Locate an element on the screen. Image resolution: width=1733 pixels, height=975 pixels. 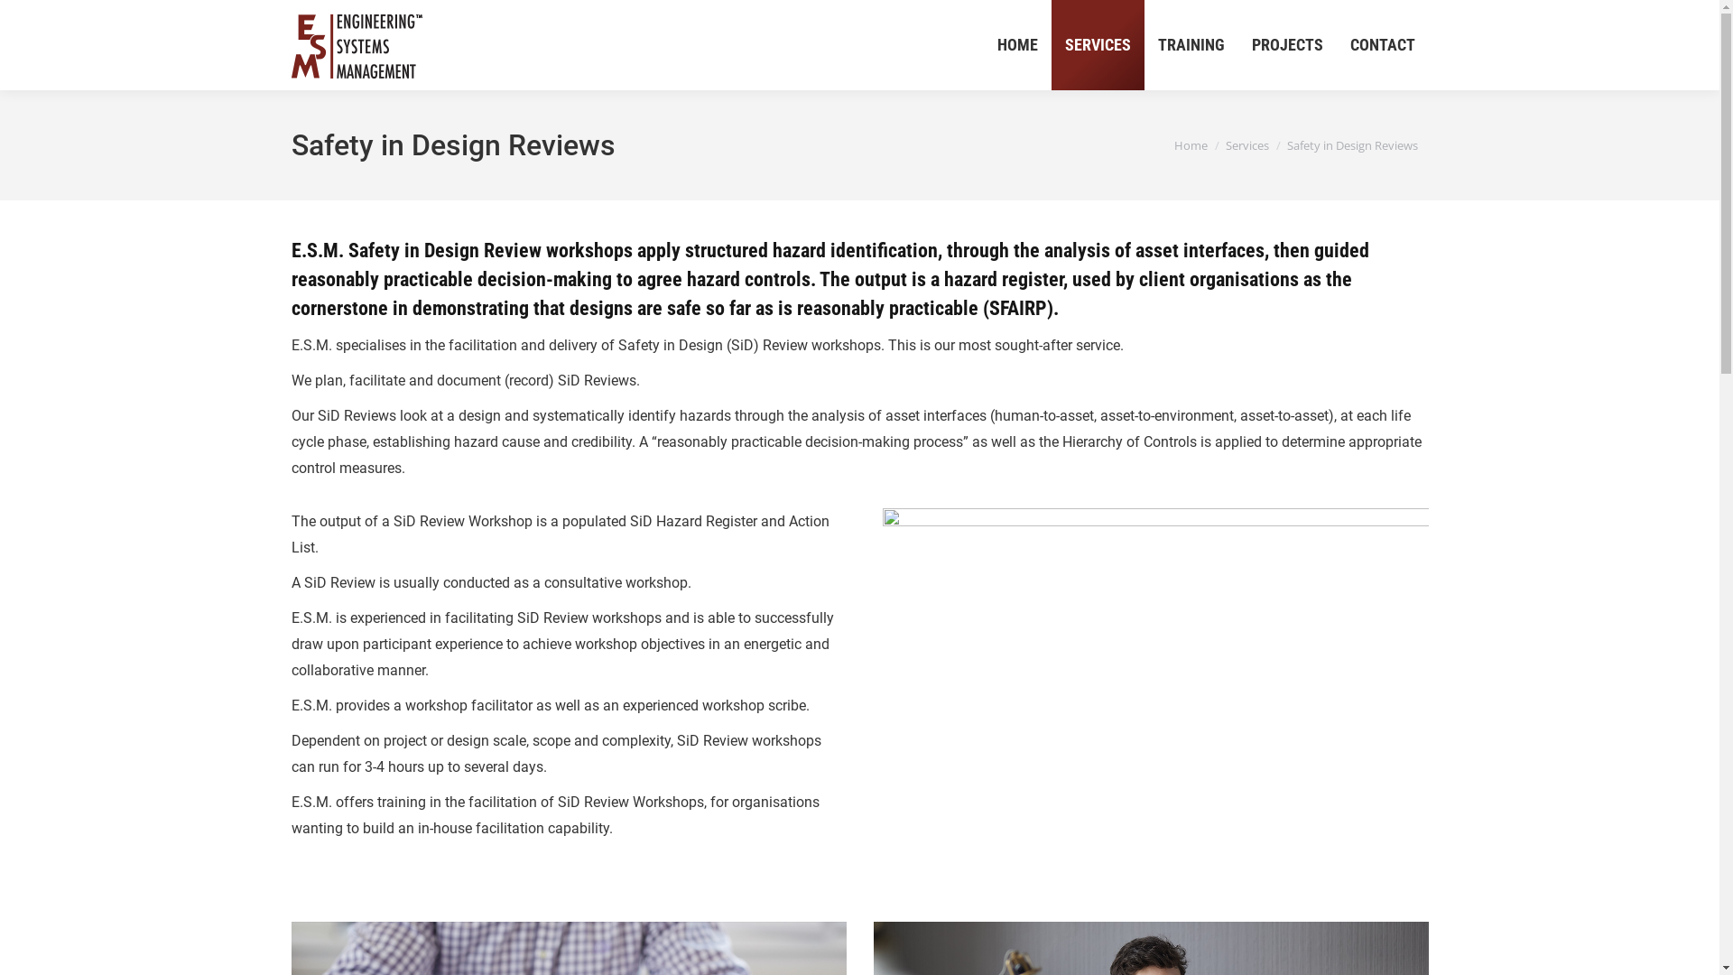
'SERVICES' is located at coordinates (1096, 44).